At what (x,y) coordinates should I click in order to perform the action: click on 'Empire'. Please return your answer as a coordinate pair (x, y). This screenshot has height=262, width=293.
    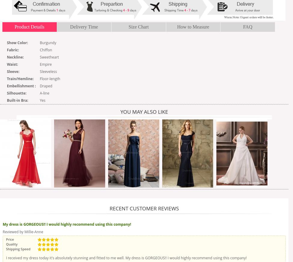
    Looking at the image, I should click on (45, 64).